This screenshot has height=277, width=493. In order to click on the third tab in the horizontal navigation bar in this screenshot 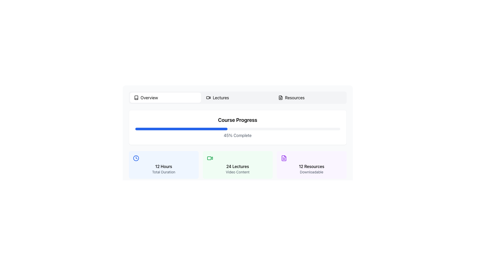, I will do `click(309, 98)`.